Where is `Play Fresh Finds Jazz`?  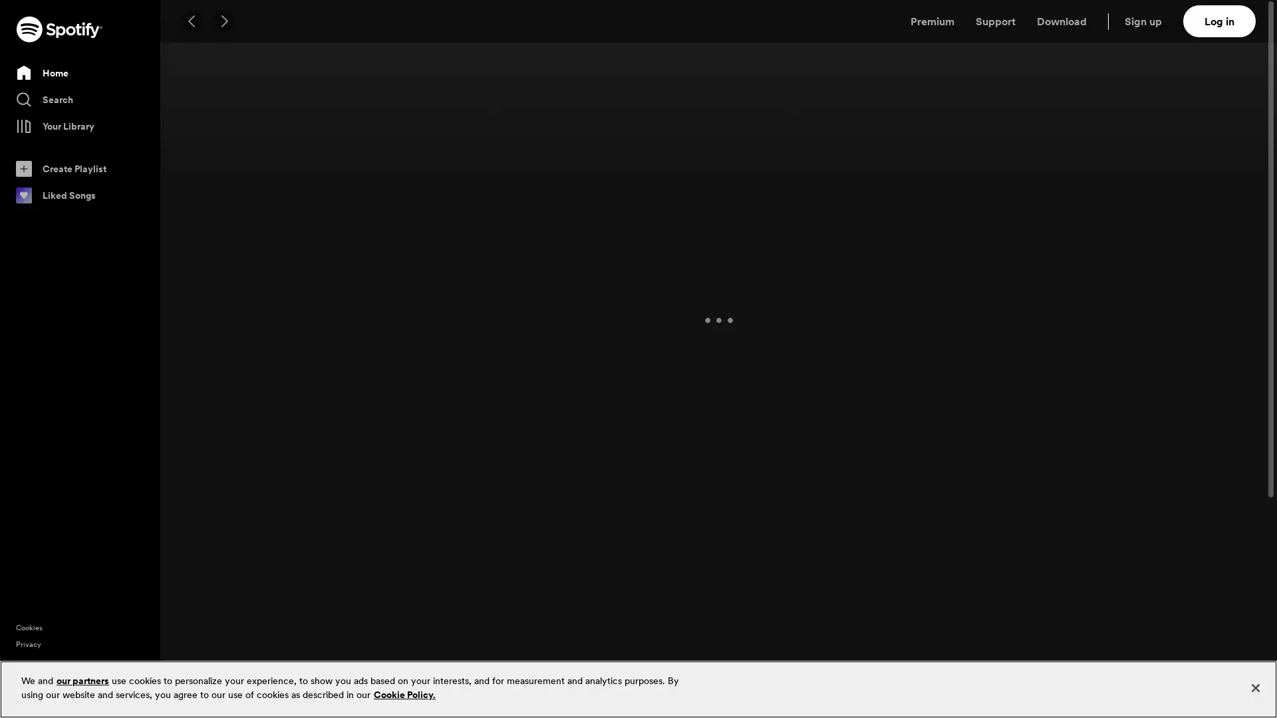
Play Fresh Finds Jazz is located at coordinates (1223, 184).